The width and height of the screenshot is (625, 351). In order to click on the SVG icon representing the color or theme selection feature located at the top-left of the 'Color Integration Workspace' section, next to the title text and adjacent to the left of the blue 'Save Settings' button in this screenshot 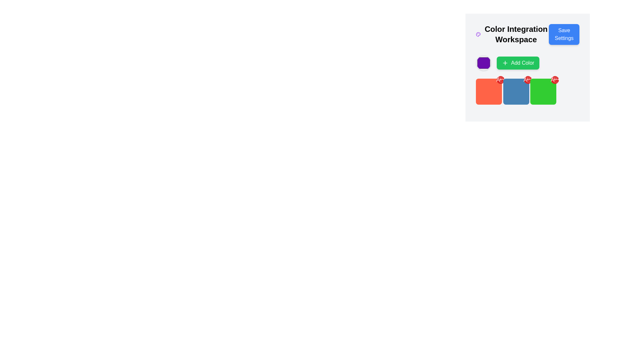, I will do `click(478, 34)`.